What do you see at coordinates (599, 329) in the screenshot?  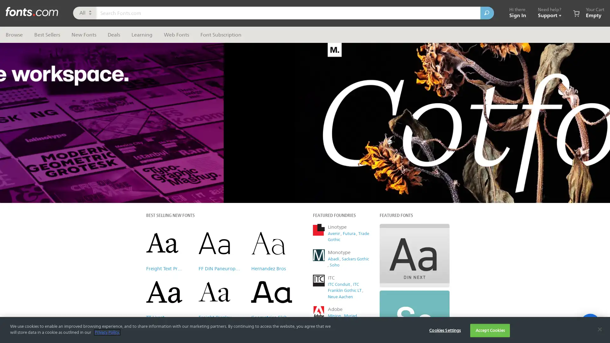 I see `Close` at bounding box center [599, 329].